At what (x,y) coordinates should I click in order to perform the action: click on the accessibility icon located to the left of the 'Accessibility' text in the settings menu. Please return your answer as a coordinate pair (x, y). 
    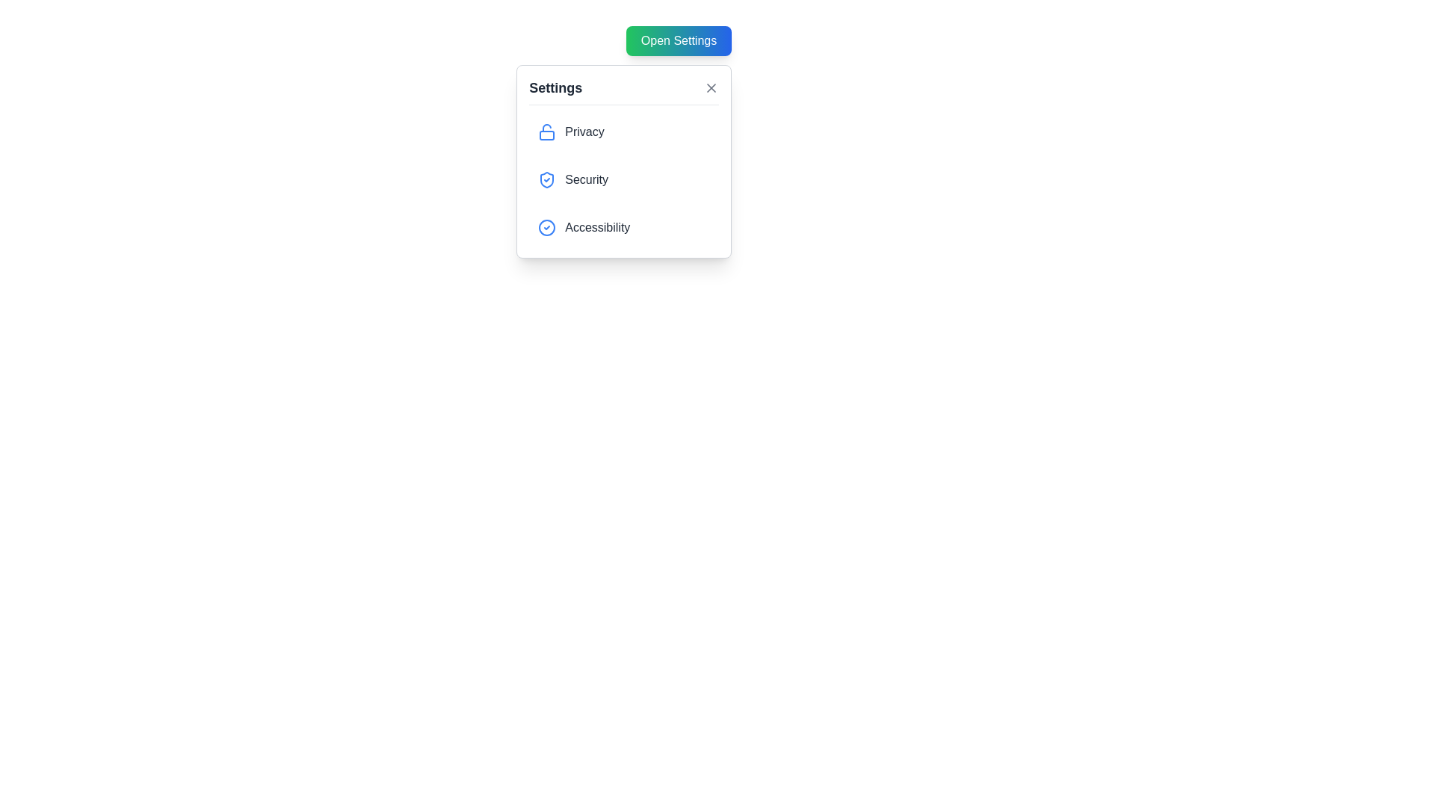
    Looking at the image, I should click on (546, 227).